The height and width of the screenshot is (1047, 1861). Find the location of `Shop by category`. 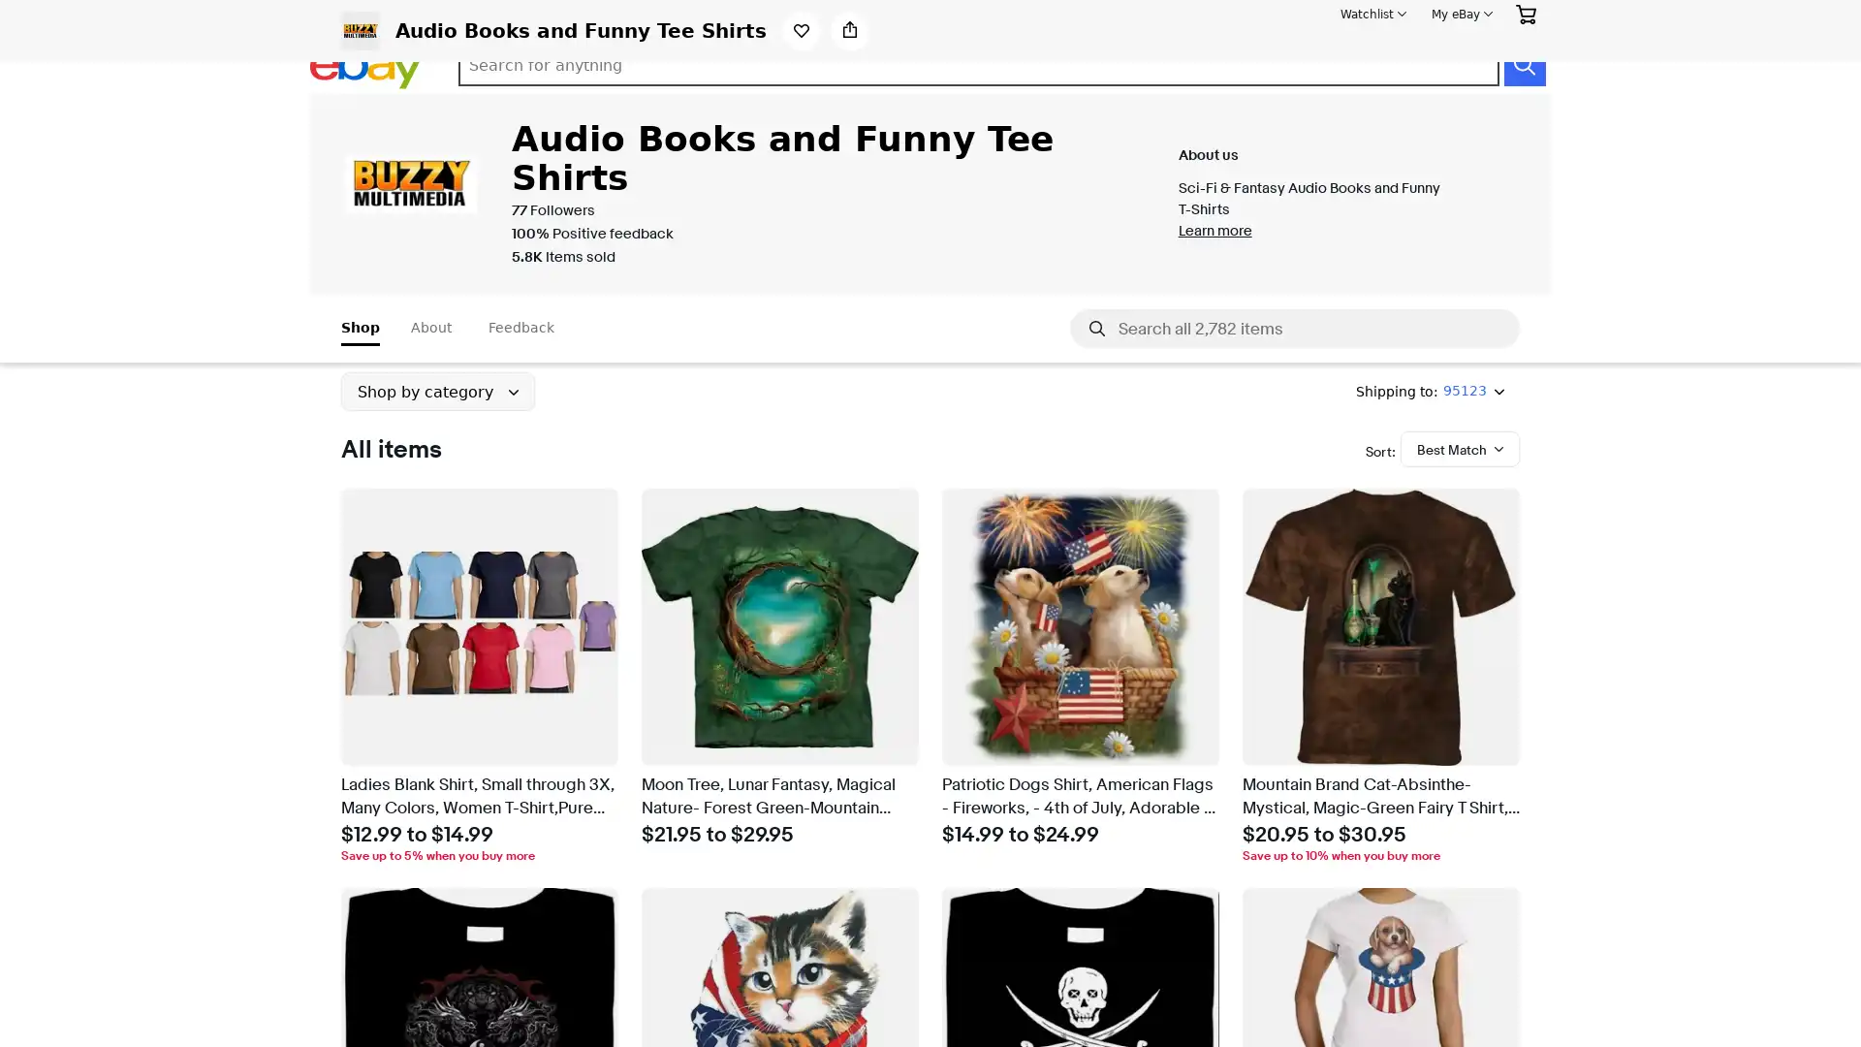

Shop by category is located at coordinates (436, 392).